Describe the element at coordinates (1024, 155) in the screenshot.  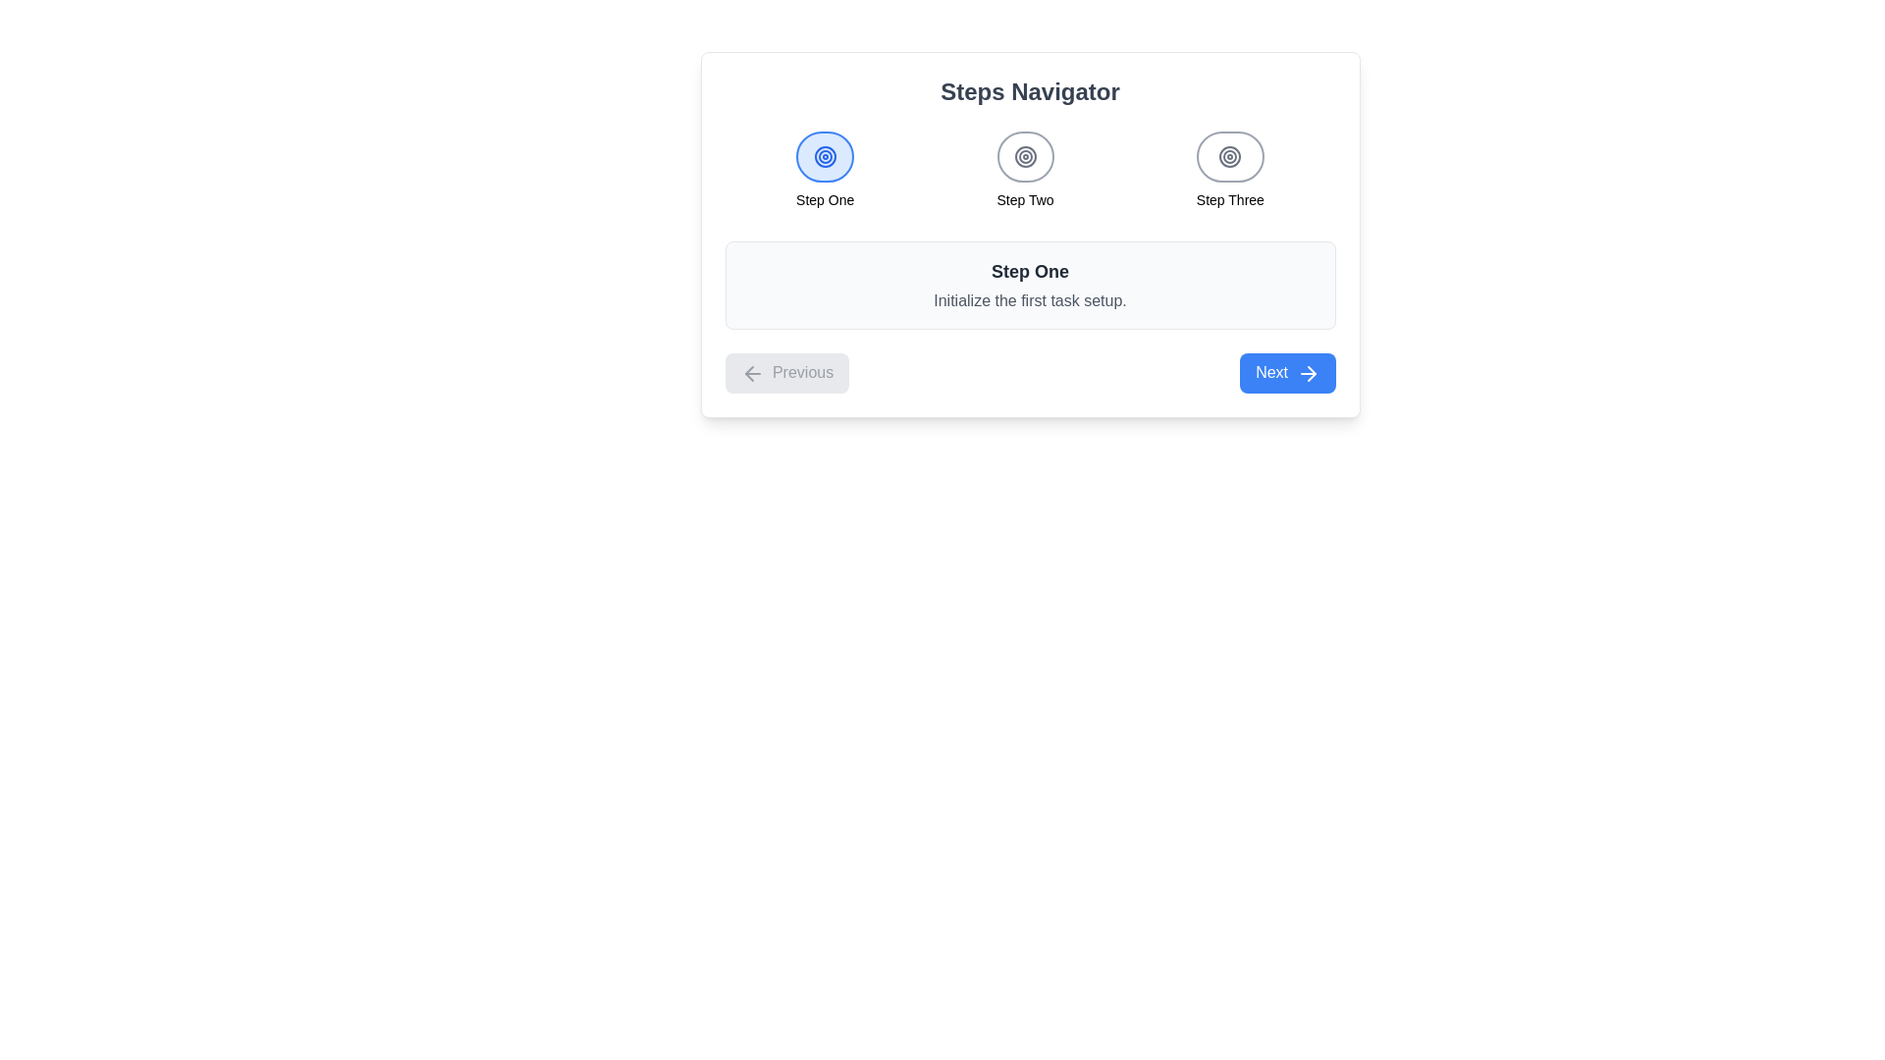
I see `the middle circle of the concentric circles representing the second step labeled 'Step Two' in the steps navigator interface` at that location.